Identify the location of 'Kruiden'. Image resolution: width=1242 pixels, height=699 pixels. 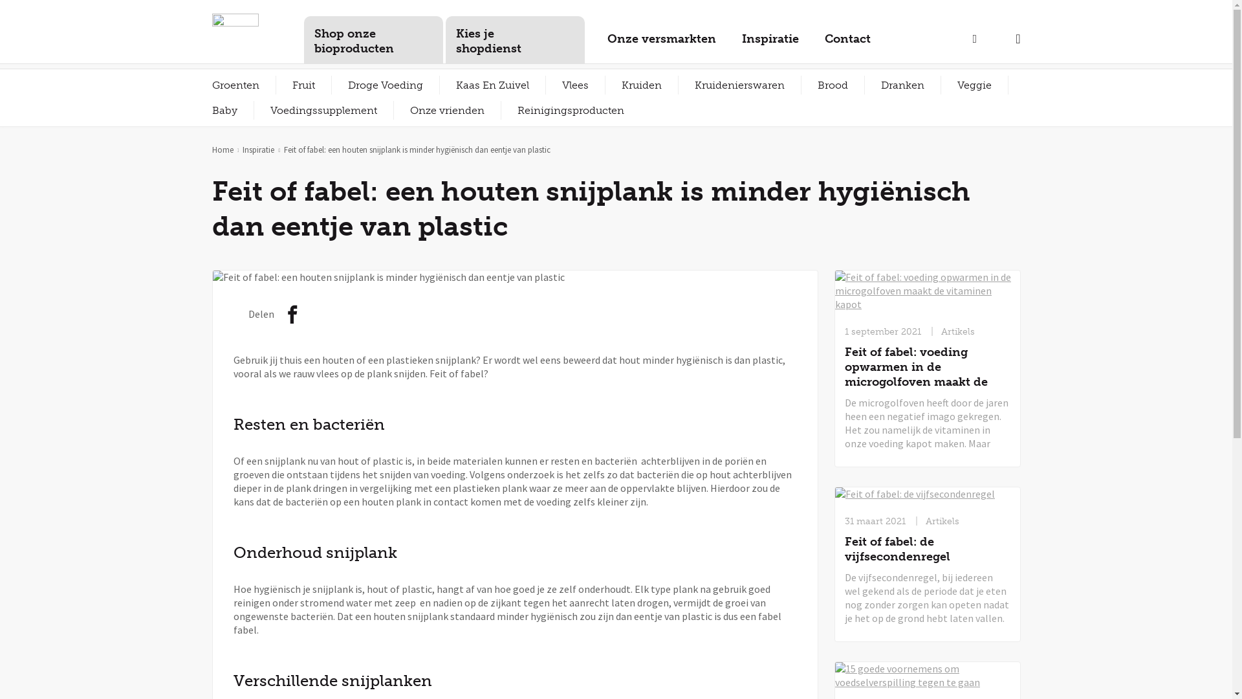
(642, 85).